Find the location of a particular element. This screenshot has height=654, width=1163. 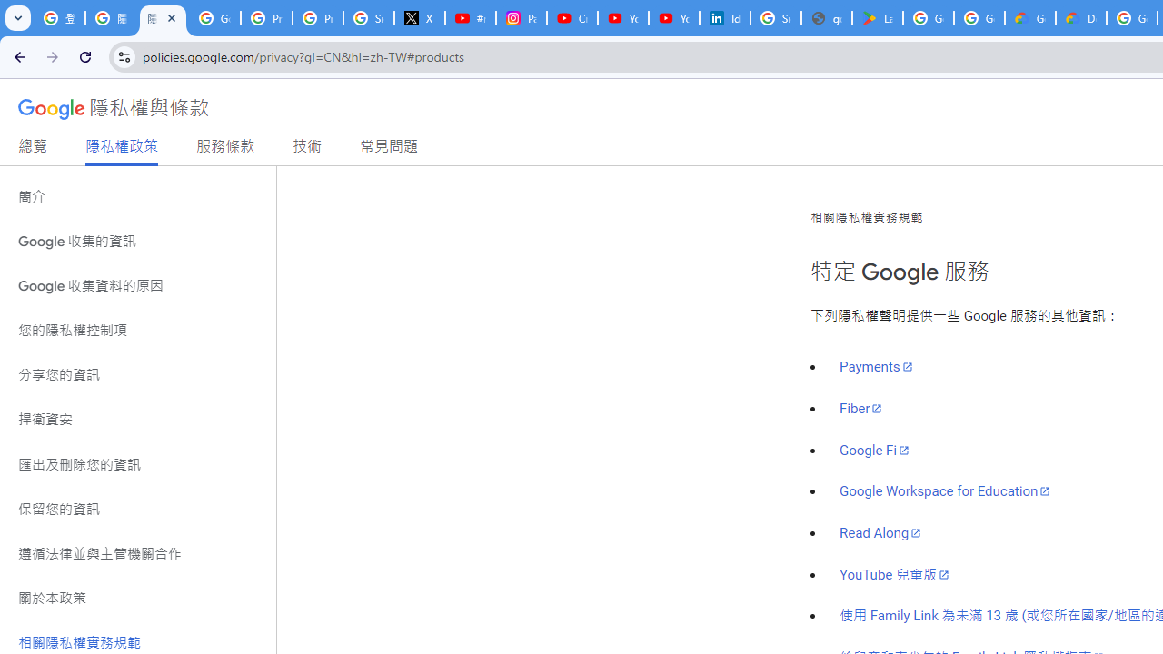

'Government | Google Cloud' is located at coordinates (1030, 18).